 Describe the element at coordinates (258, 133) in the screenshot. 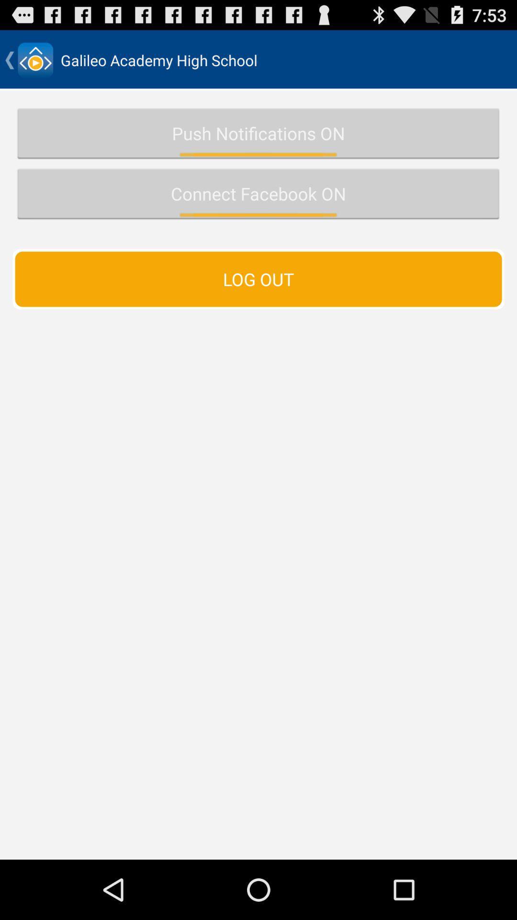

I see `the item above connect facebook on icon` at that location.